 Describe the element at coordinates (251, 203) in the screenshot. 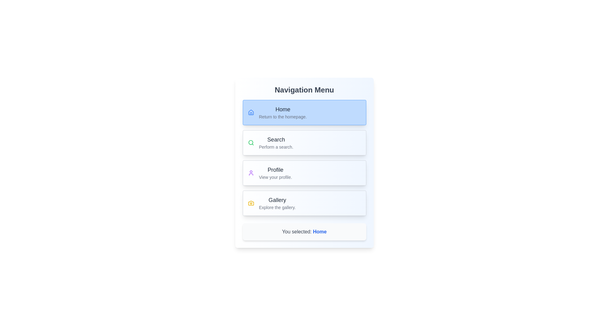

I see `the menu option Gallery by clicking its corresponding icon` at that location.